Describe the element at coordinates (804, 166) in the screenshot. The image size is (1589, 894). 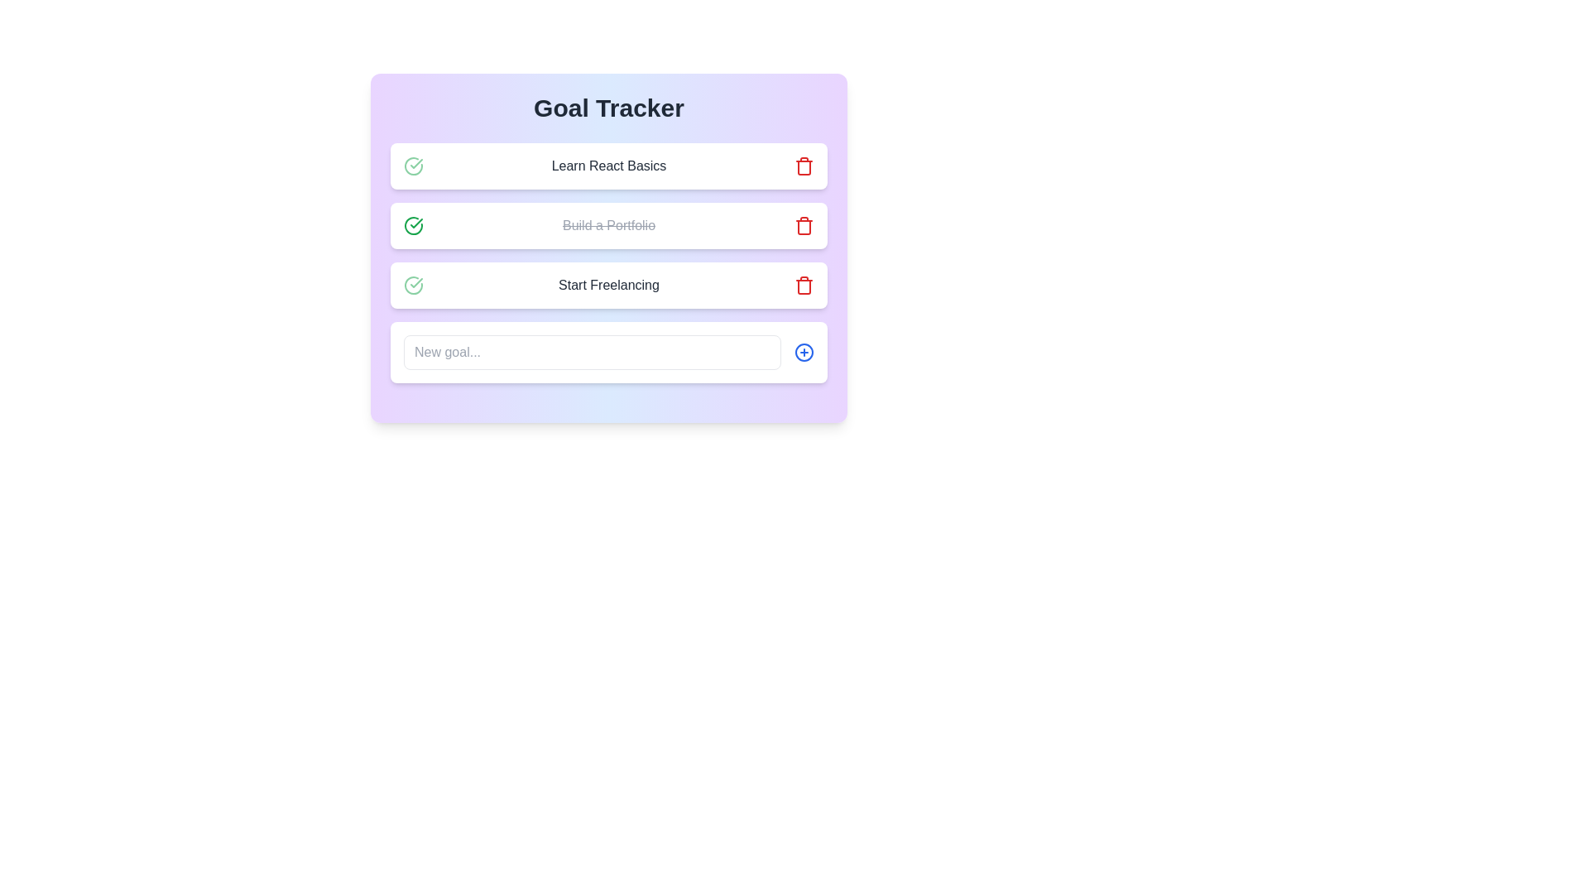
I see `delete button for the goal titled Learn React Basics` at that location.